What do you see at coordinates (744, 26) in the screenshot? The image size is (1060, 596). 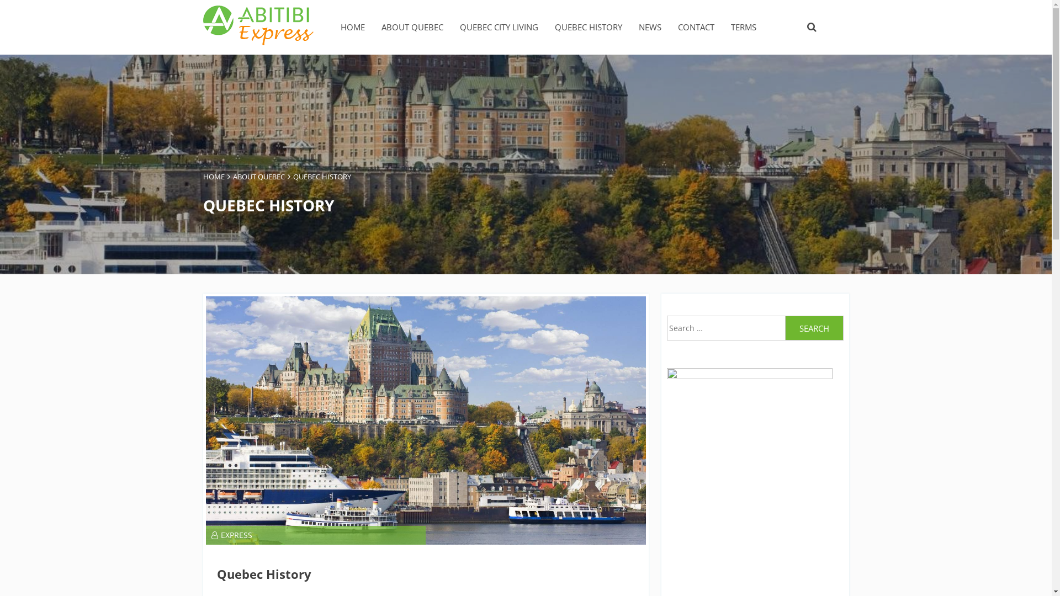 I see `'TERMS'` at bounding box center [744, 26].